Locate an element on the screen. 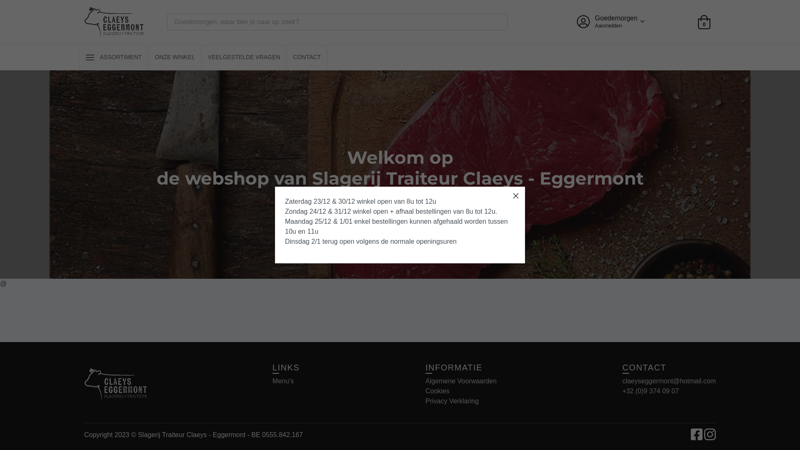 Image resolution: width=800 pixels, height=450 pixels. 'ASSORTIMENT' is located at coordinates (113, 57).